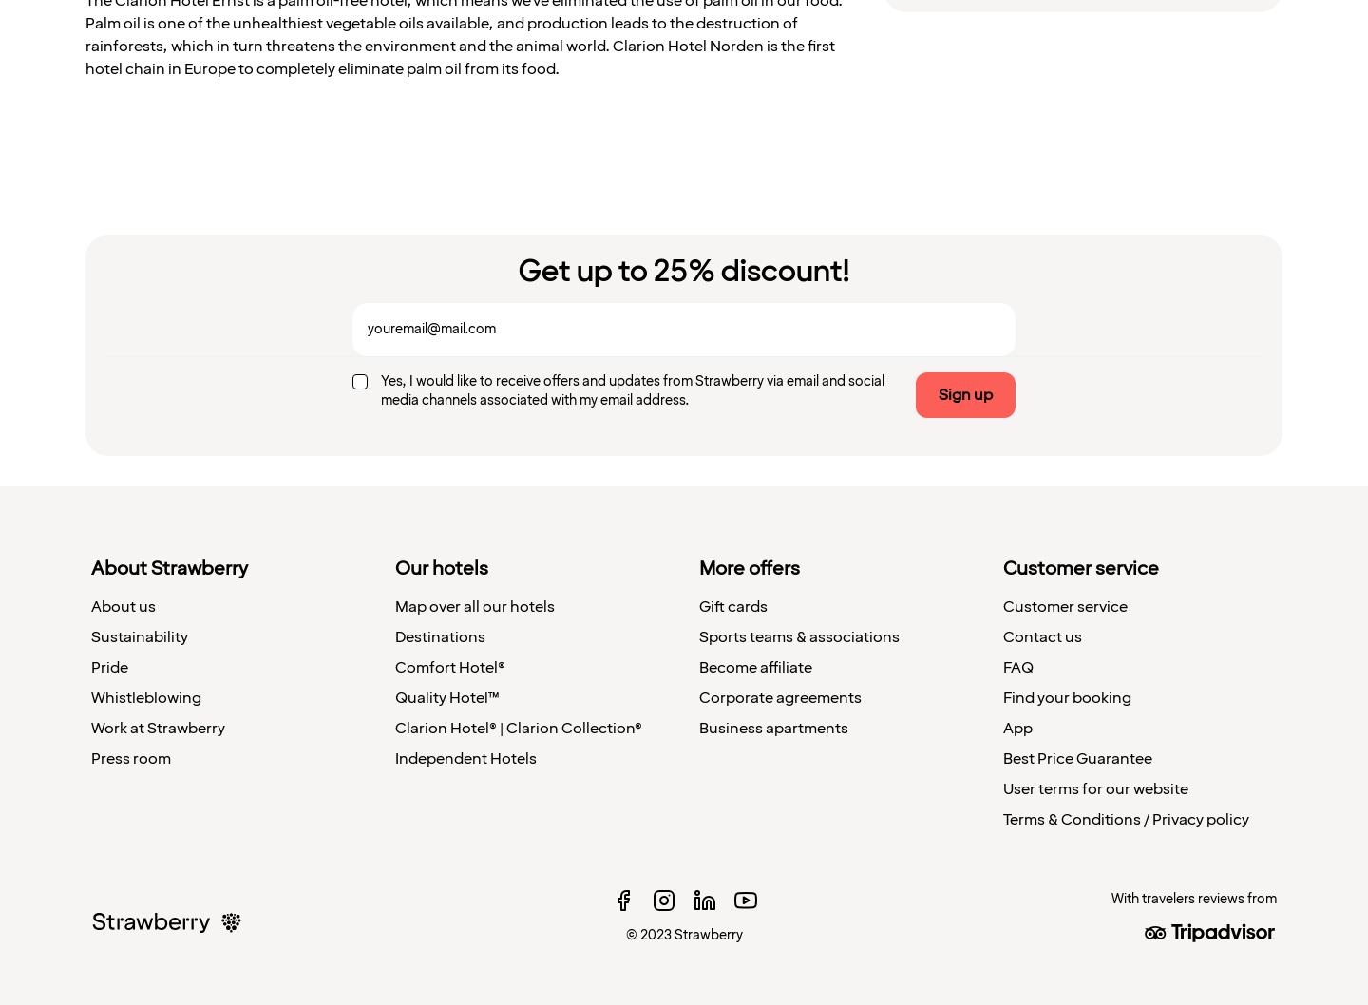 This screenshot has height=1005, width=1368. I want to click on 'Find your booking', so click(1066, 697).